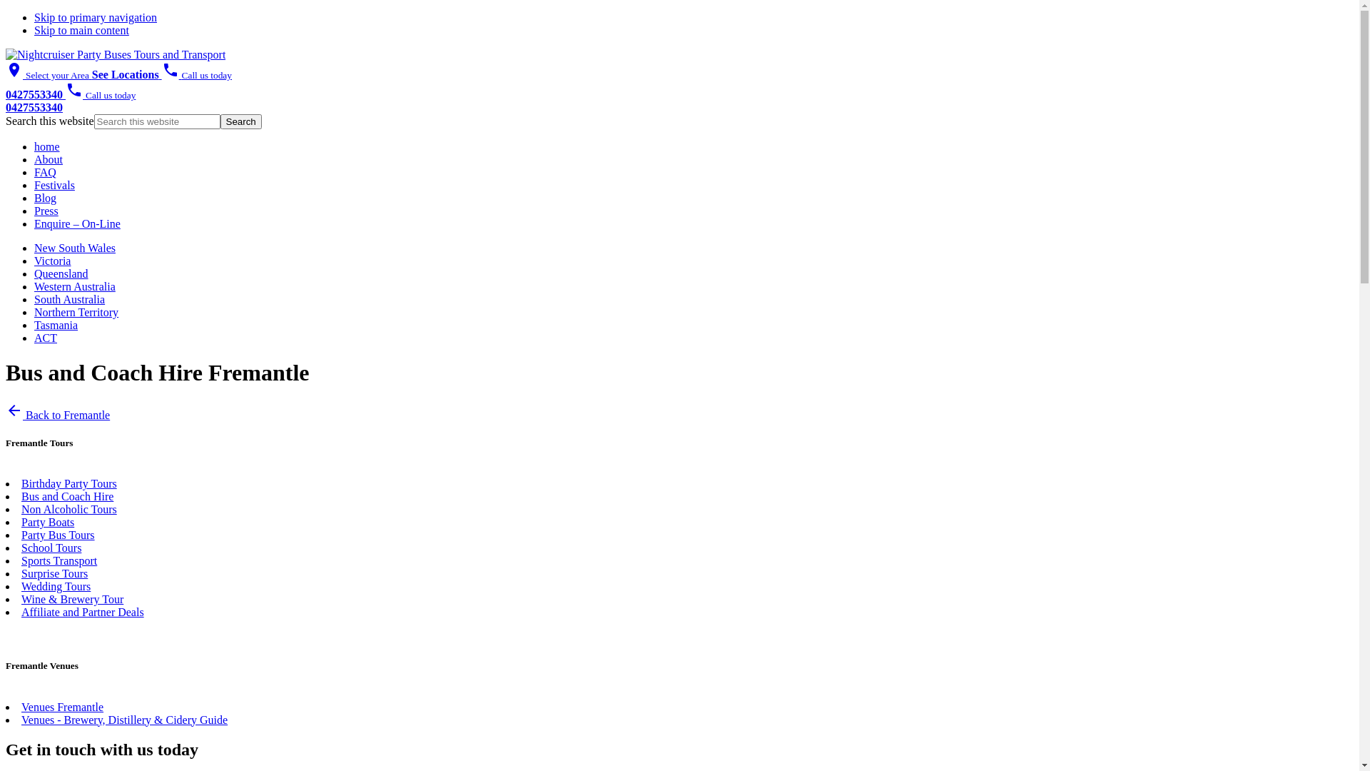 The width and height of the screenshot is (1370, 771). What do you see at coordinates (81, 611) in the screenshot?
I see `'Affiliate and Partner Deals'` at bounding box center [81, 611].